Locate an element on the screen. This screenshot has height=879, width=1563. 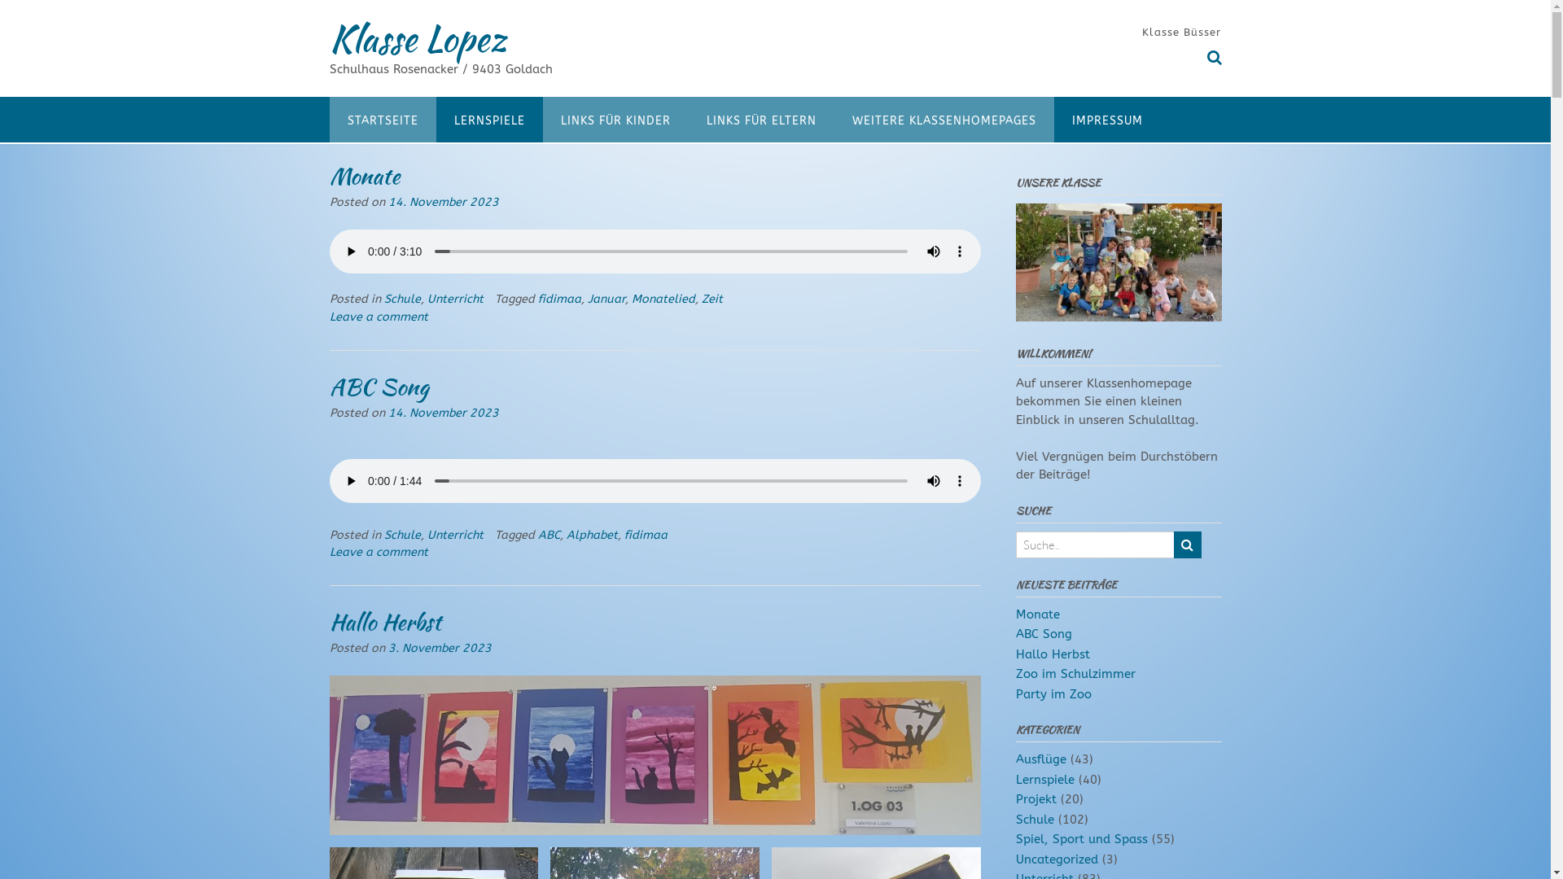
'Leave a comment' is located at coordinates (377, 551).